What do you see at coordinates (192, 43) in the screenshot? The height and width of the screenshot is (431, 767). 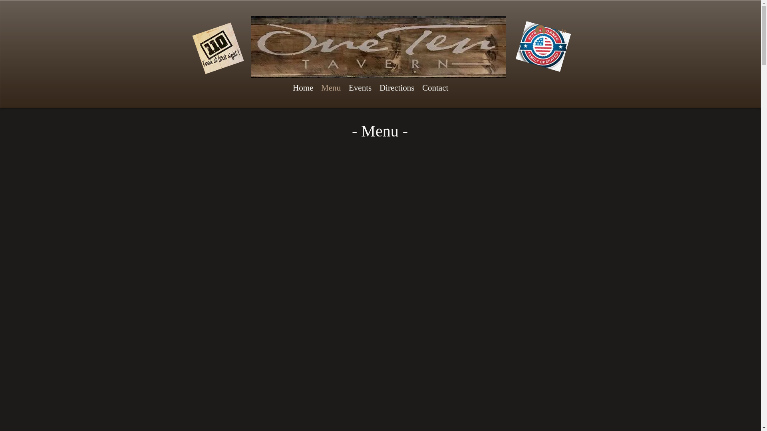 I see `'Food At first sight.jpg'` at bounding box center [192, 43].